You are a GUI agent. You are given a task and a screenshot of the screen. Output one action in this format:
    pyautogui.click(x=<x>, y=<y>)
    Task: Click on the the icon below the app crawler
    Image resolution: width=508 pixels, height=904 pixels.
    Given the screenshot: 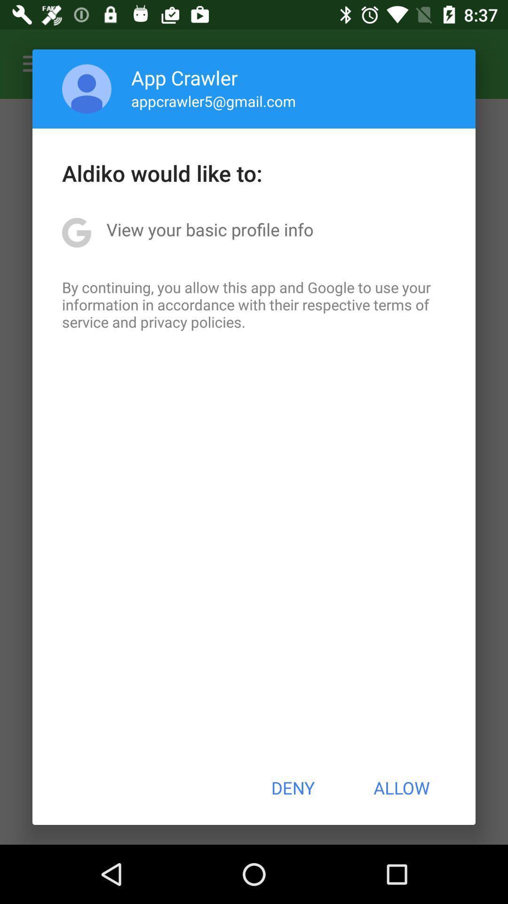 What is the action you would take?
    pyautogui.click(x=214, y=101)
    